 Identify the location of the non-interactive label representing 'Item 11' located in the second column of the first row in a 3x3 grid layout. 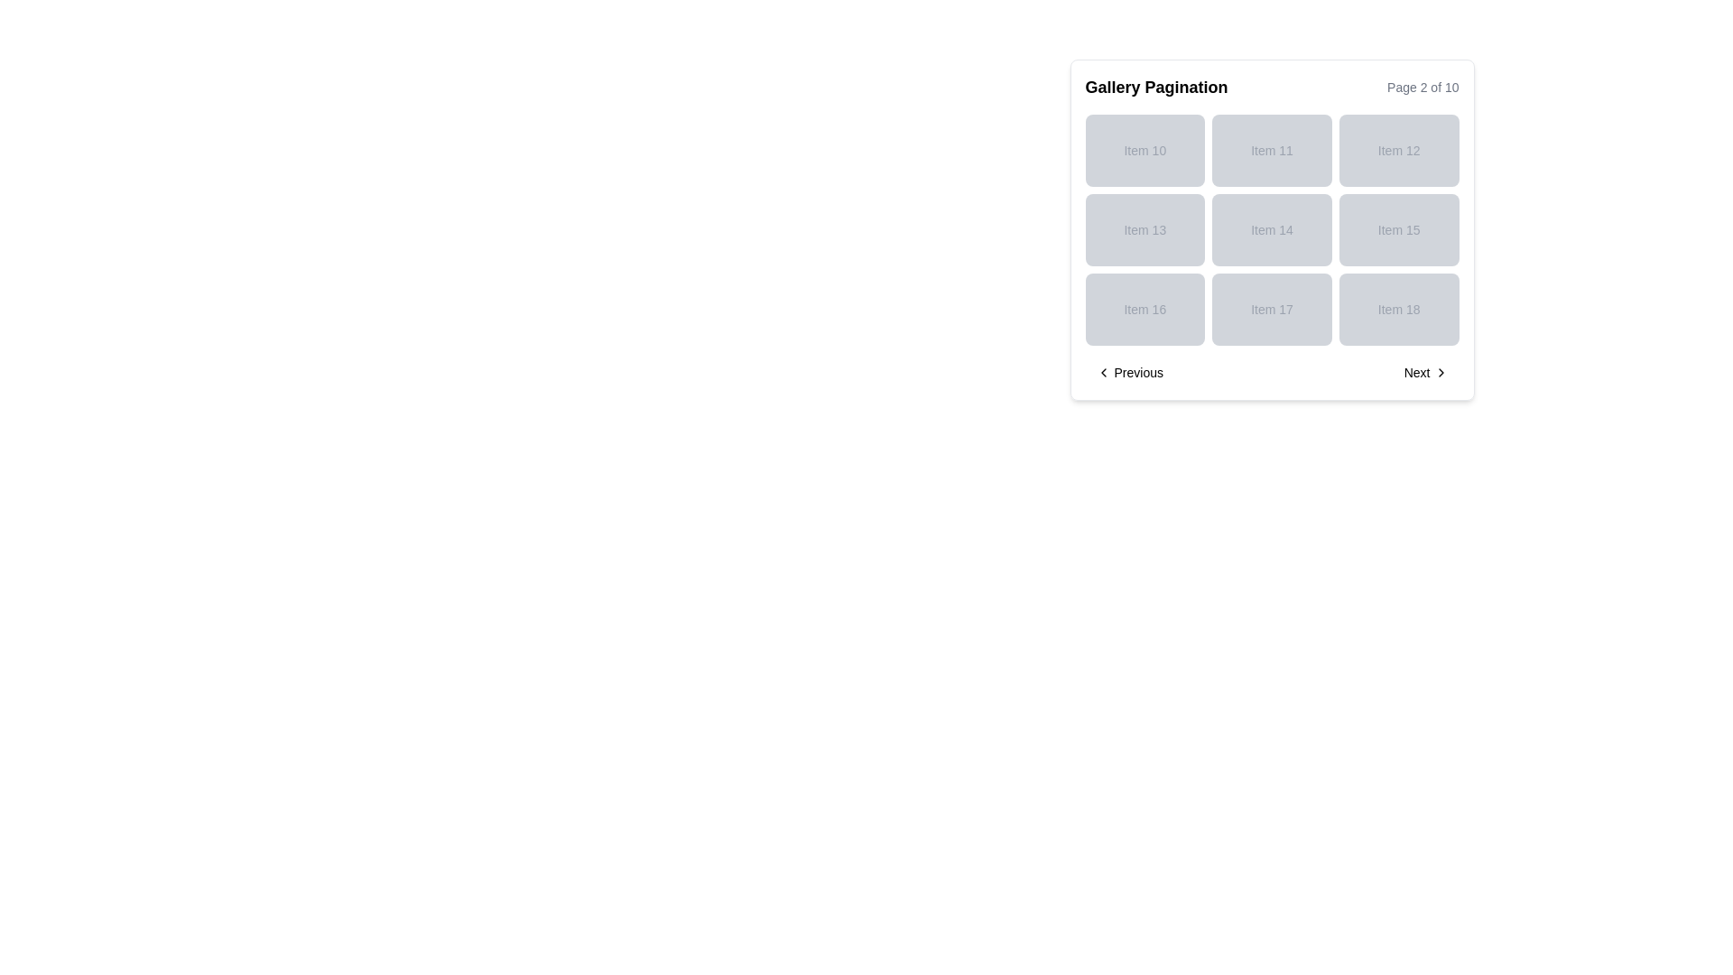
(1271, 149).